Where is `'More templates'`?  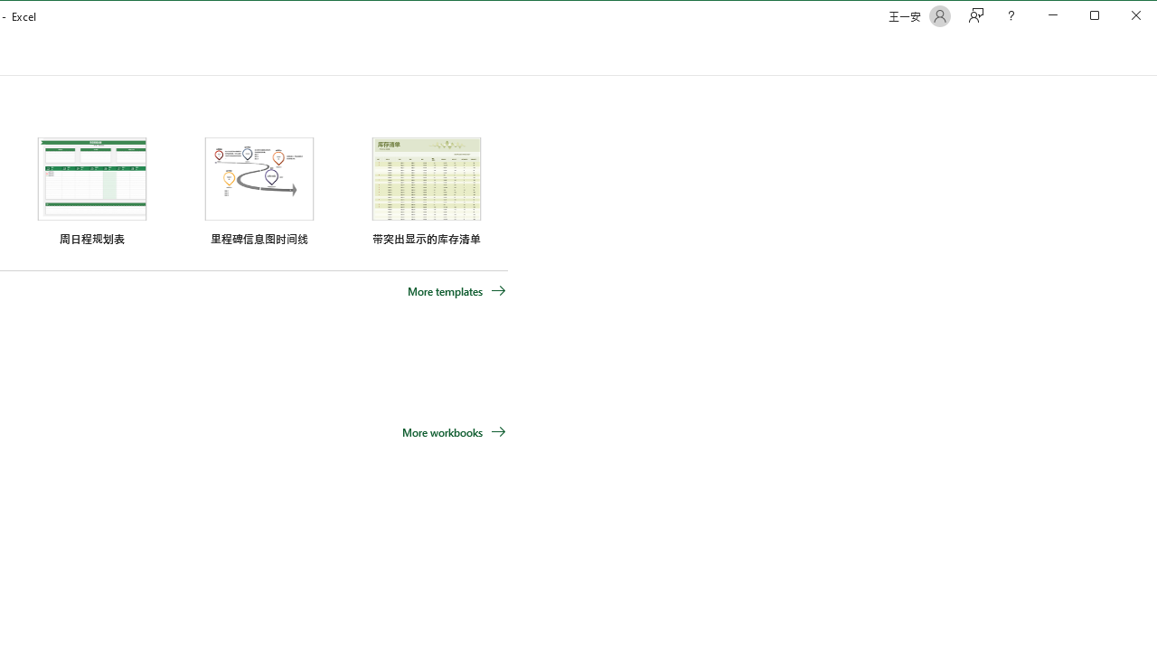 'More templates' is located at coordinates (456, 289).